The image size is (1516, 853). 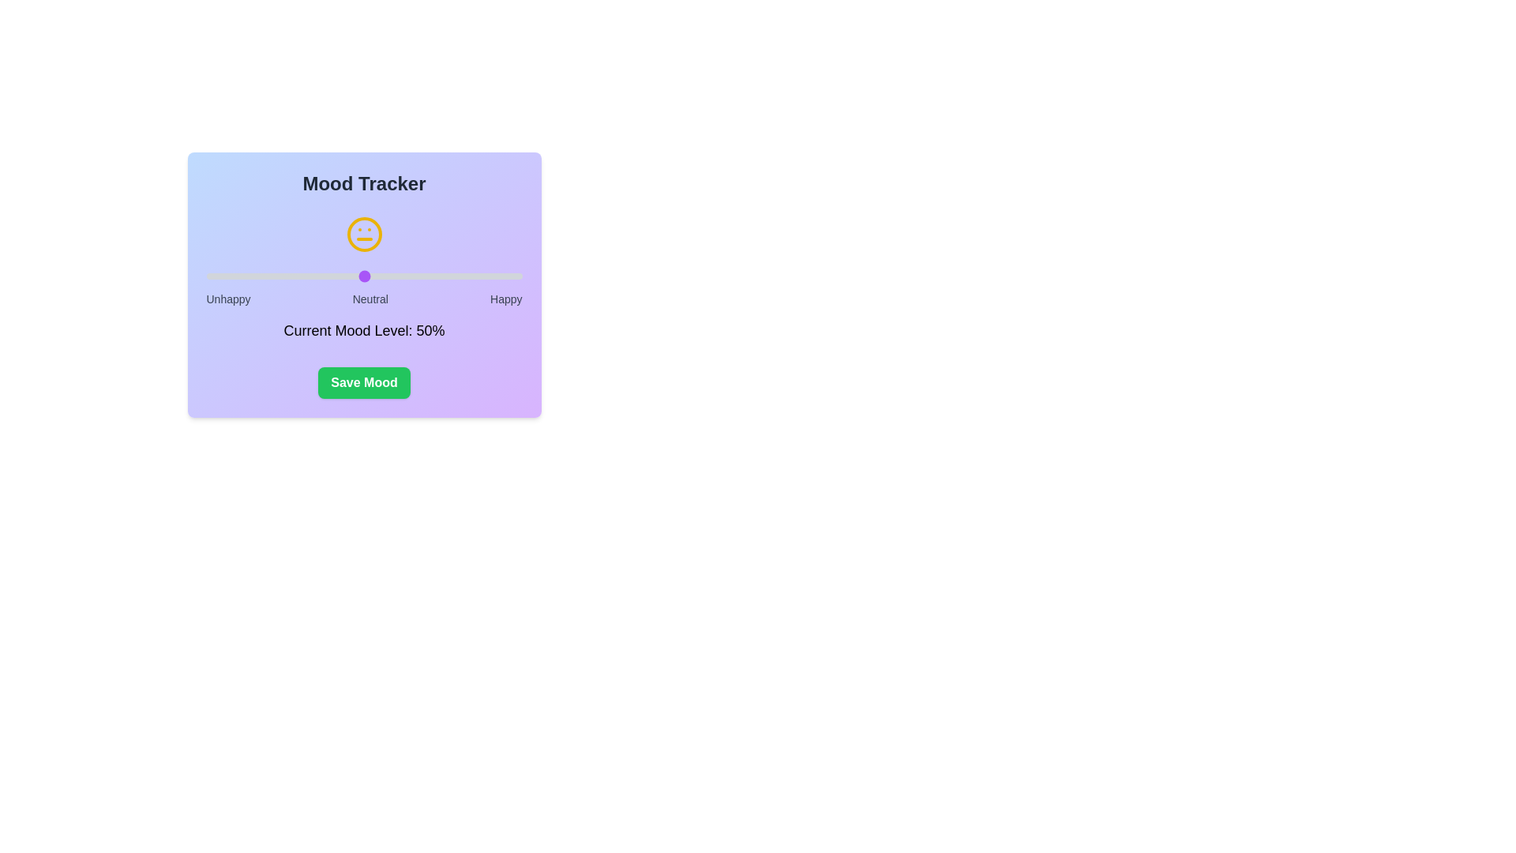 I want to click on the mood slider to set the mood level to 14%, so click(x=250, y=276).